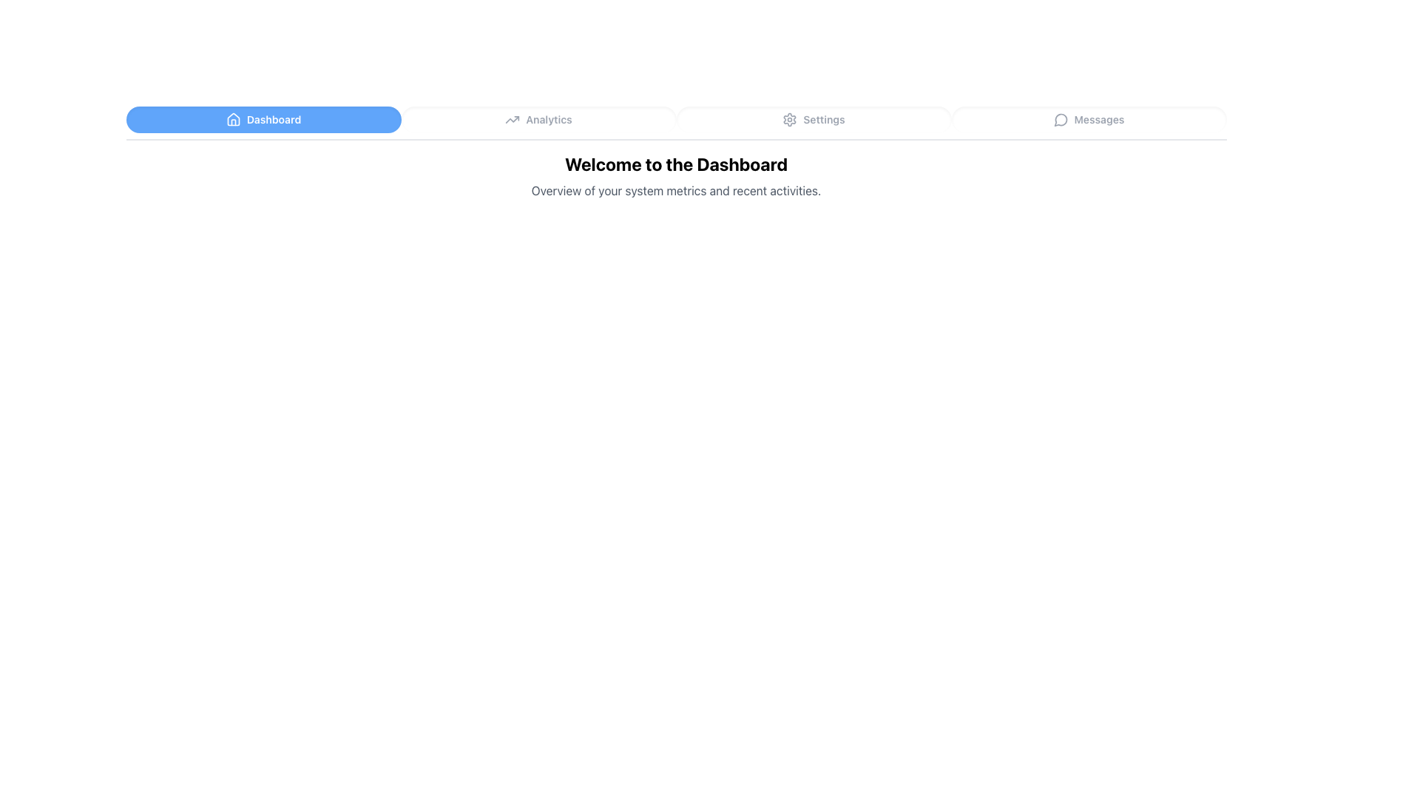  Describe the element at coordinates (548, 119) in the screenshot. I see `the 'Analytics' text label in the navigation bar` at that location.